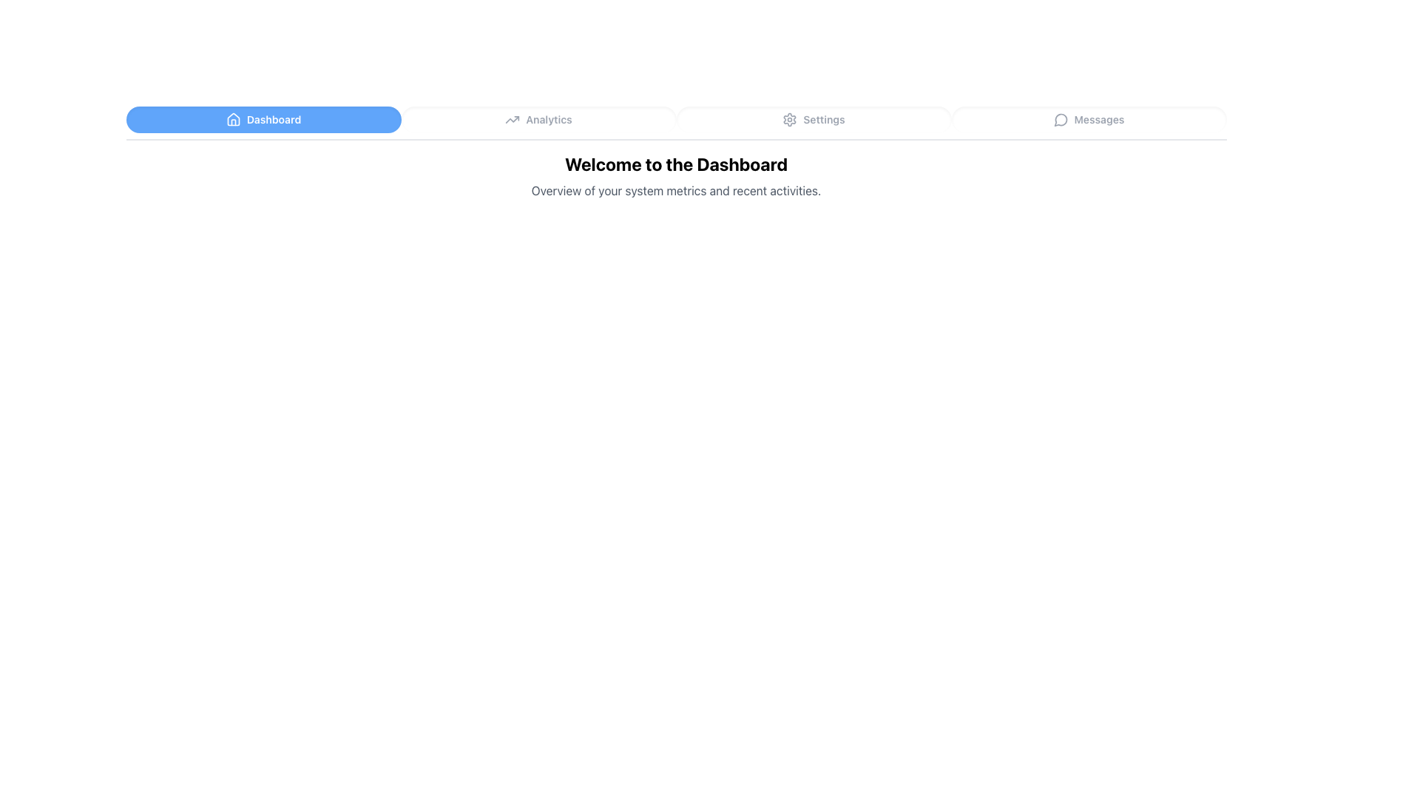  Describe the element at coordinates (548, 119) in the screenshot. I see `the 'Analytics' text label in the navigation bar` at that location.